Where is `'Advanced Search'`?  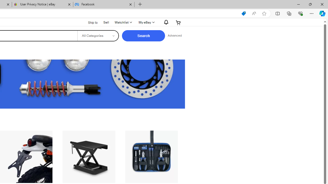 'Advanced Search' is located at coordinates (175, 36).